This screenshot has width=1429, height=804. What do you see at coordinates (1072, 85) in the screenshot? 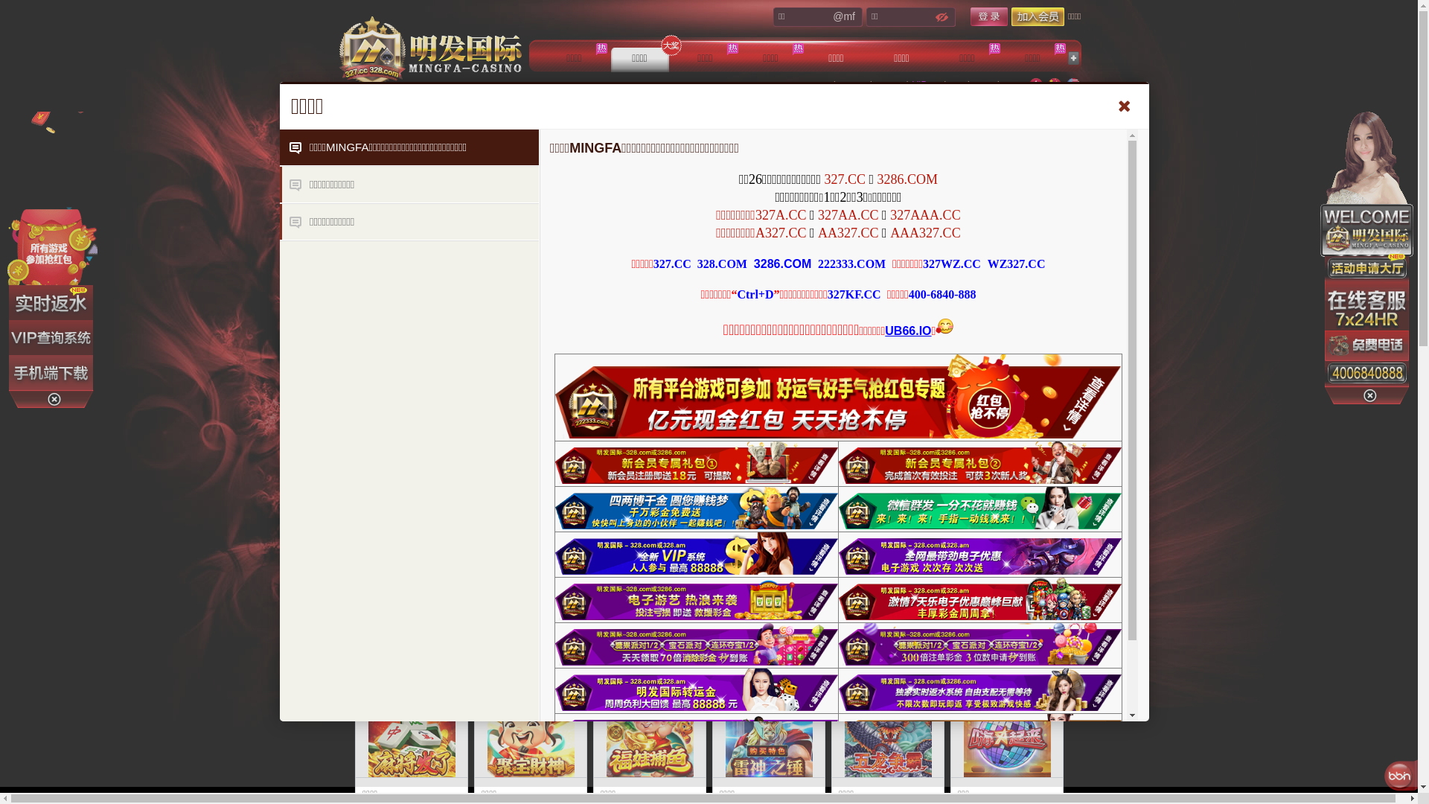
I see `'English'` at bounding box center [1072, 85].